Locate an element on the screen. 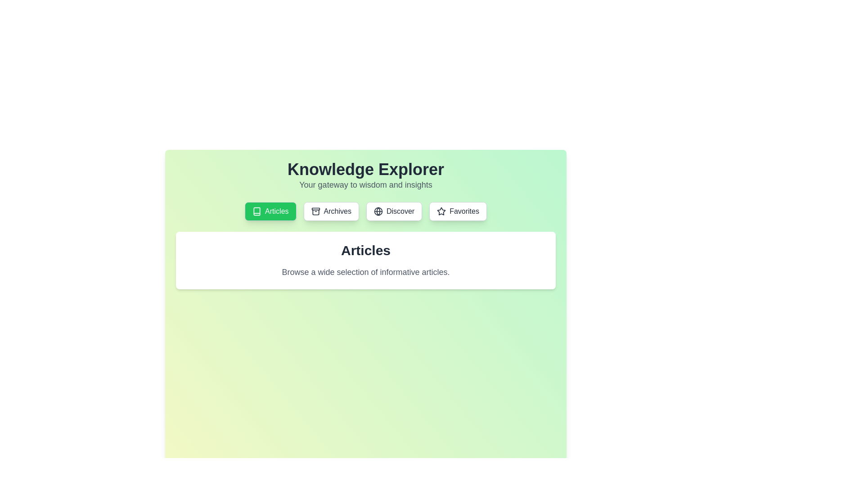 The width and height of the screenshot is (864, 486). the tab with label Discover is located at coordinates (394, 211).